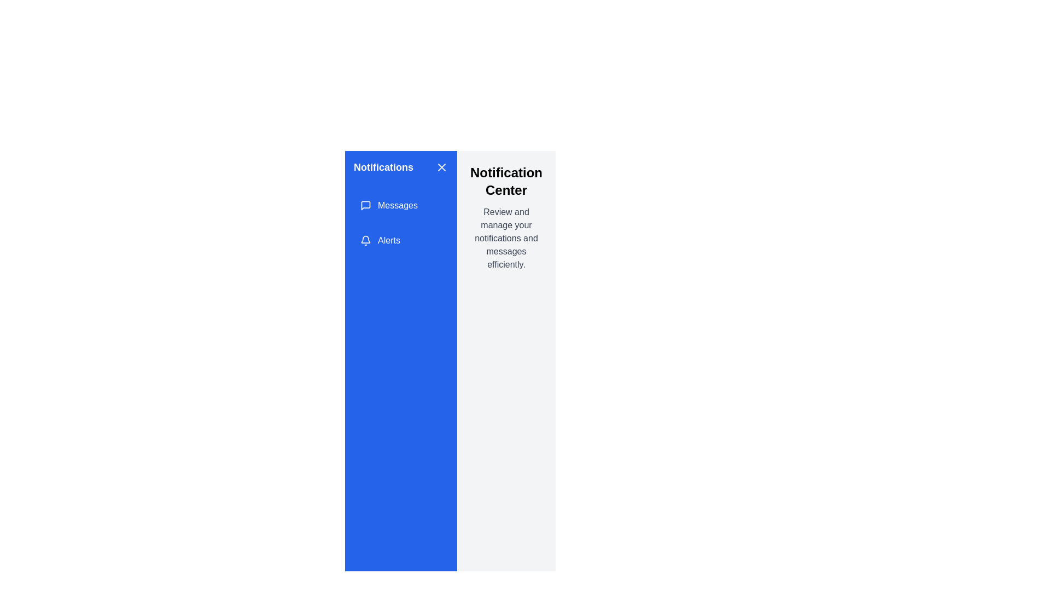 The image size is (1050, 591). What do you see at coordinates (365, 239) in the screenshot?
I see `the alert or notification icon located in the vertical menu on the left side of the application interface, beneath the 'Notifications' header and adjacent to the 'Alerts' label` at bounding box center [365, 239].